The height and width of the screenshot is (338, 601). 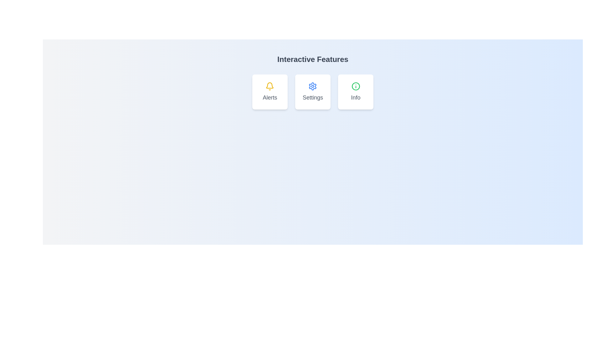 What do you see at coordinates (356, 92) in the screenshot?
I see `the Information Card, which is the third card in a horizontal row of three, located to the right of the 'Alerts' and 'Settings' cards` at bounding box center [356, 92].